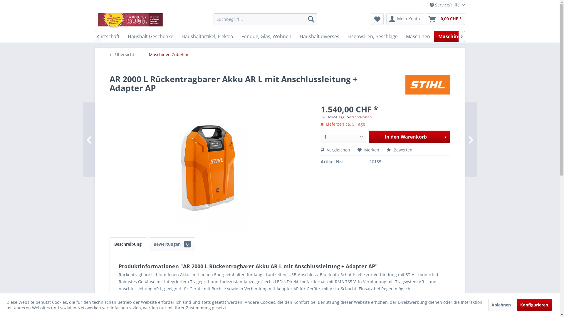  I want to click on 'Bewertungen 0', so click(172, 244).